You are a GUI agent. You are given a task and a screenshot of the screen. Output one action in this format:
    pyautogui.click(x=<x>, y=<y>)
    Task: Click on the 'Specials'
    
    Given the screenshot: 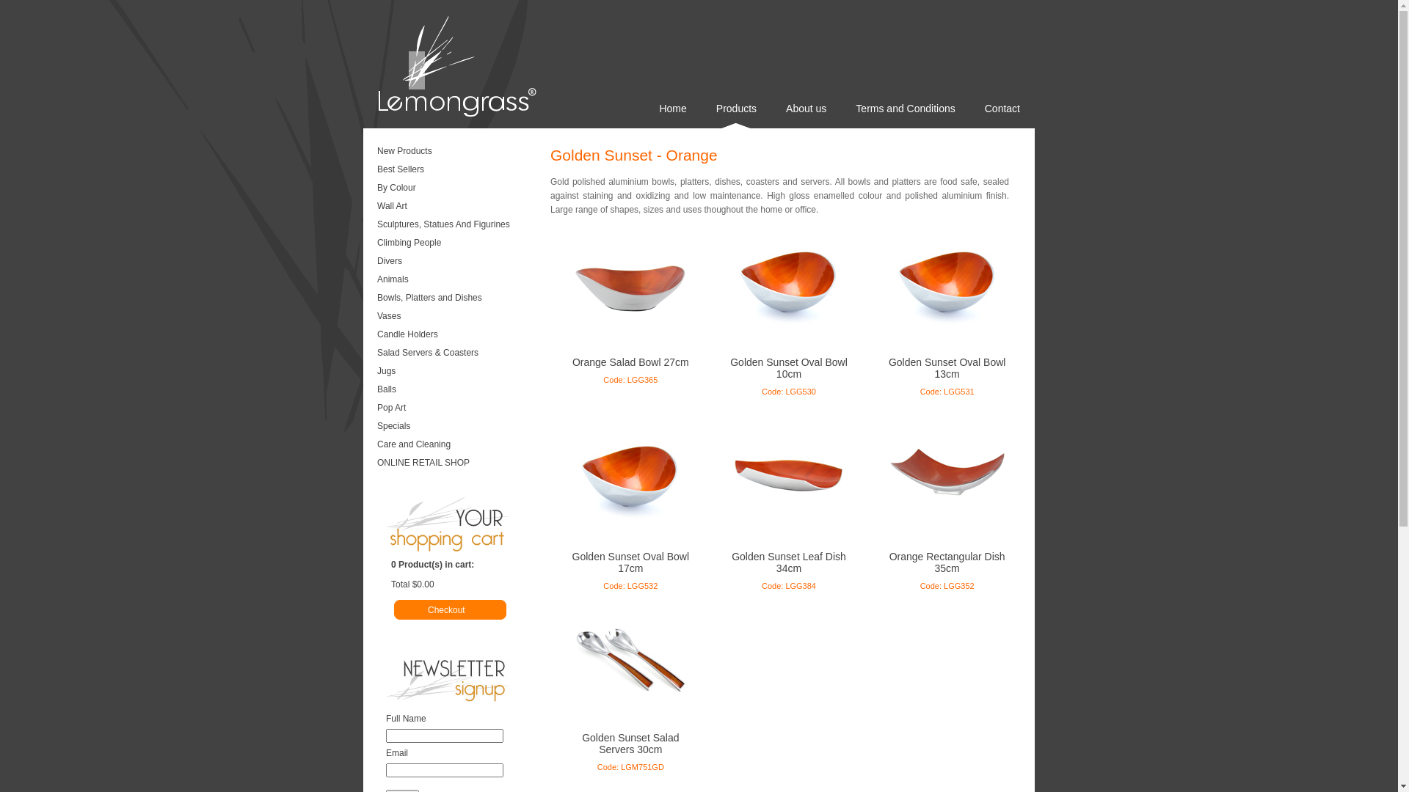 What is the action you would take?
    pyautogui.click(x=374, y=427)
    